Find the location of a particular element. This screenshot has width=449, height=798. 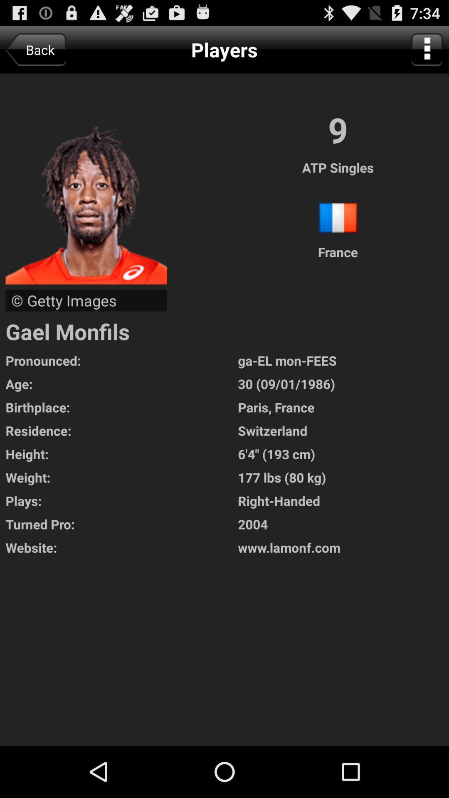

app next to the players icon is located at coordinates (35, 49).